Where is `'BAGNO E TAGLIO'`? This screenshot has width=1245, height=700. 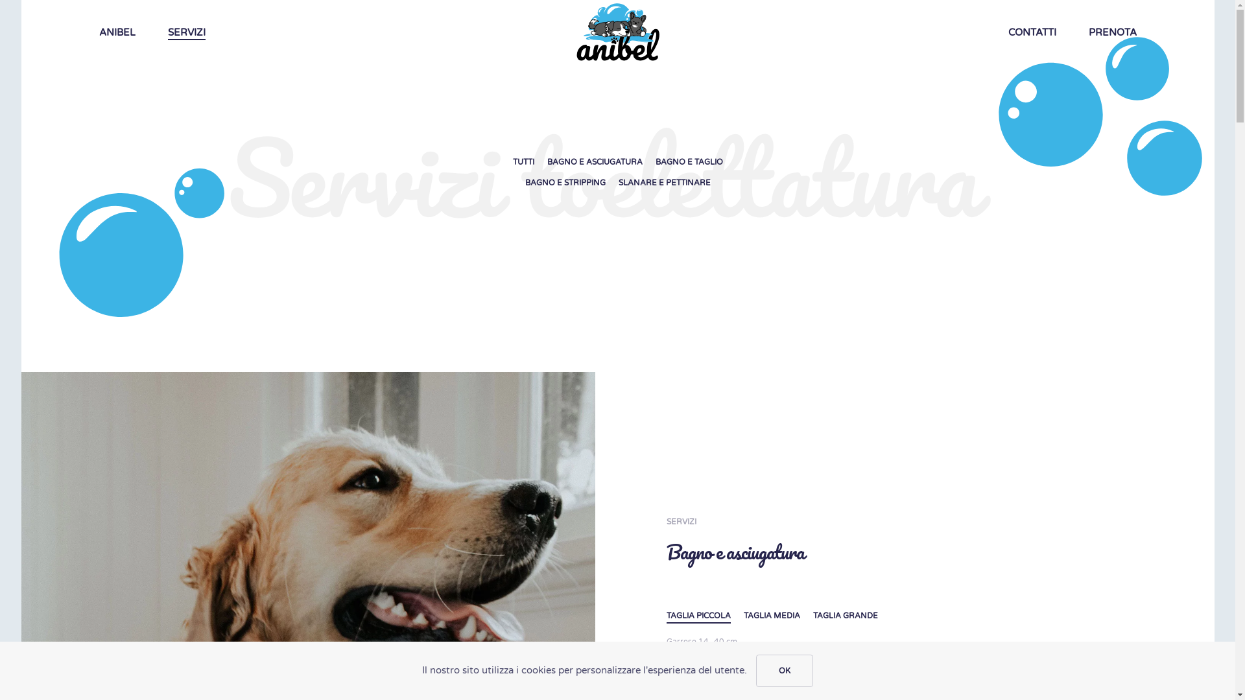 'BAGNO E TAGLIO' is located at coordinates (687, 161).